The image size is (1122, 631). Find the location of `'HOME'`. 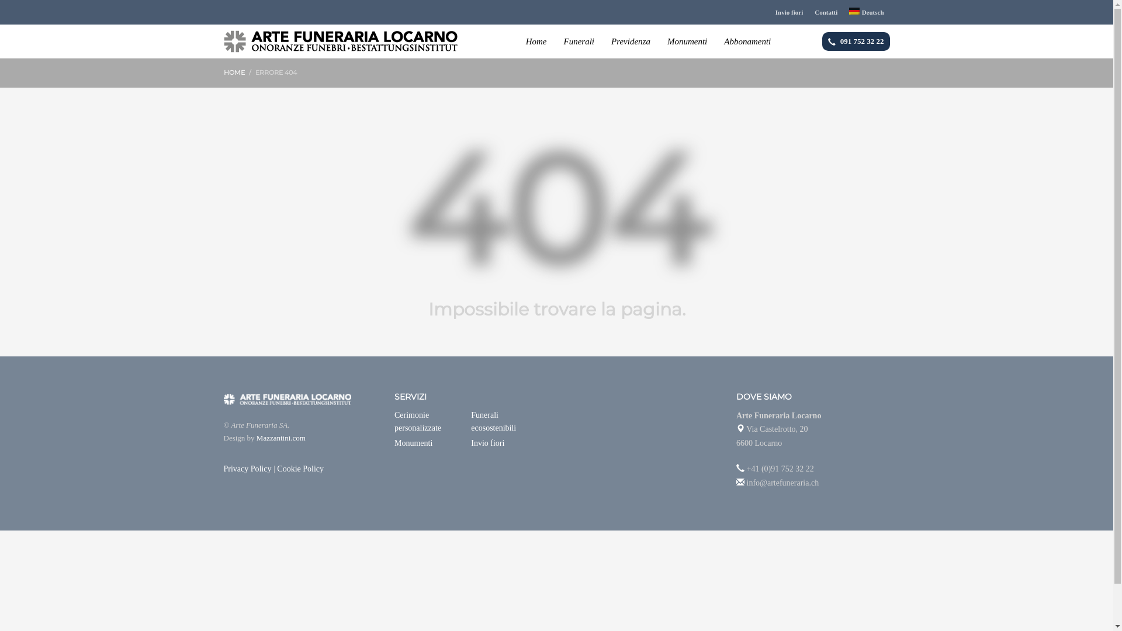

'HOME' is located at coordinates (233, 72).